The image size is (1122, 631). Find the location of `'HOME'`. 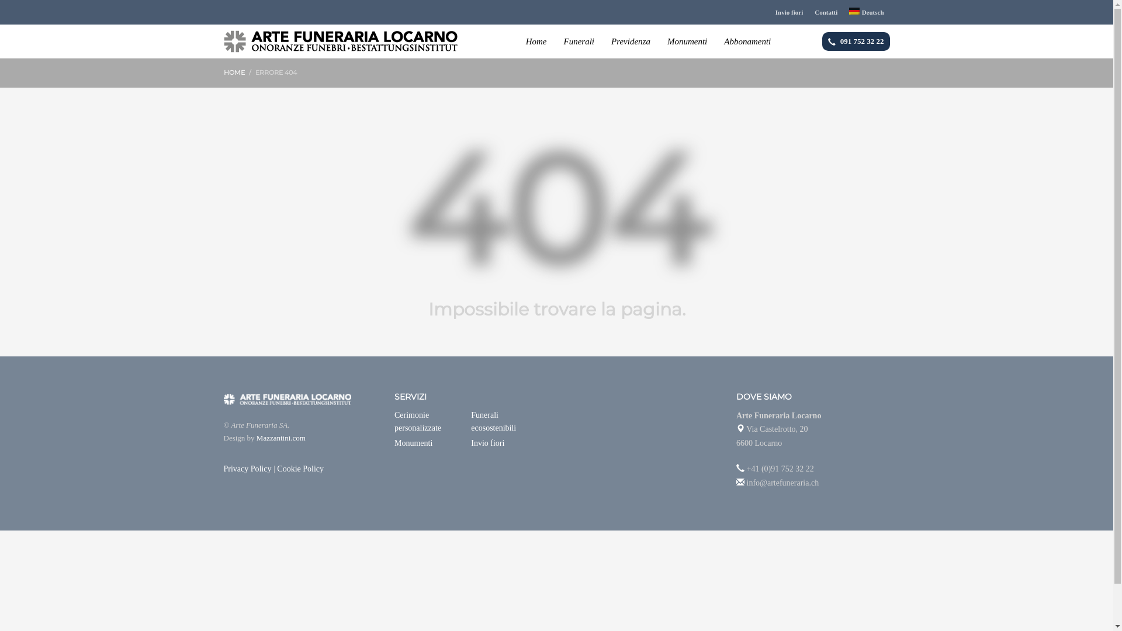

'HOME' is located at coordinates (233, 72).